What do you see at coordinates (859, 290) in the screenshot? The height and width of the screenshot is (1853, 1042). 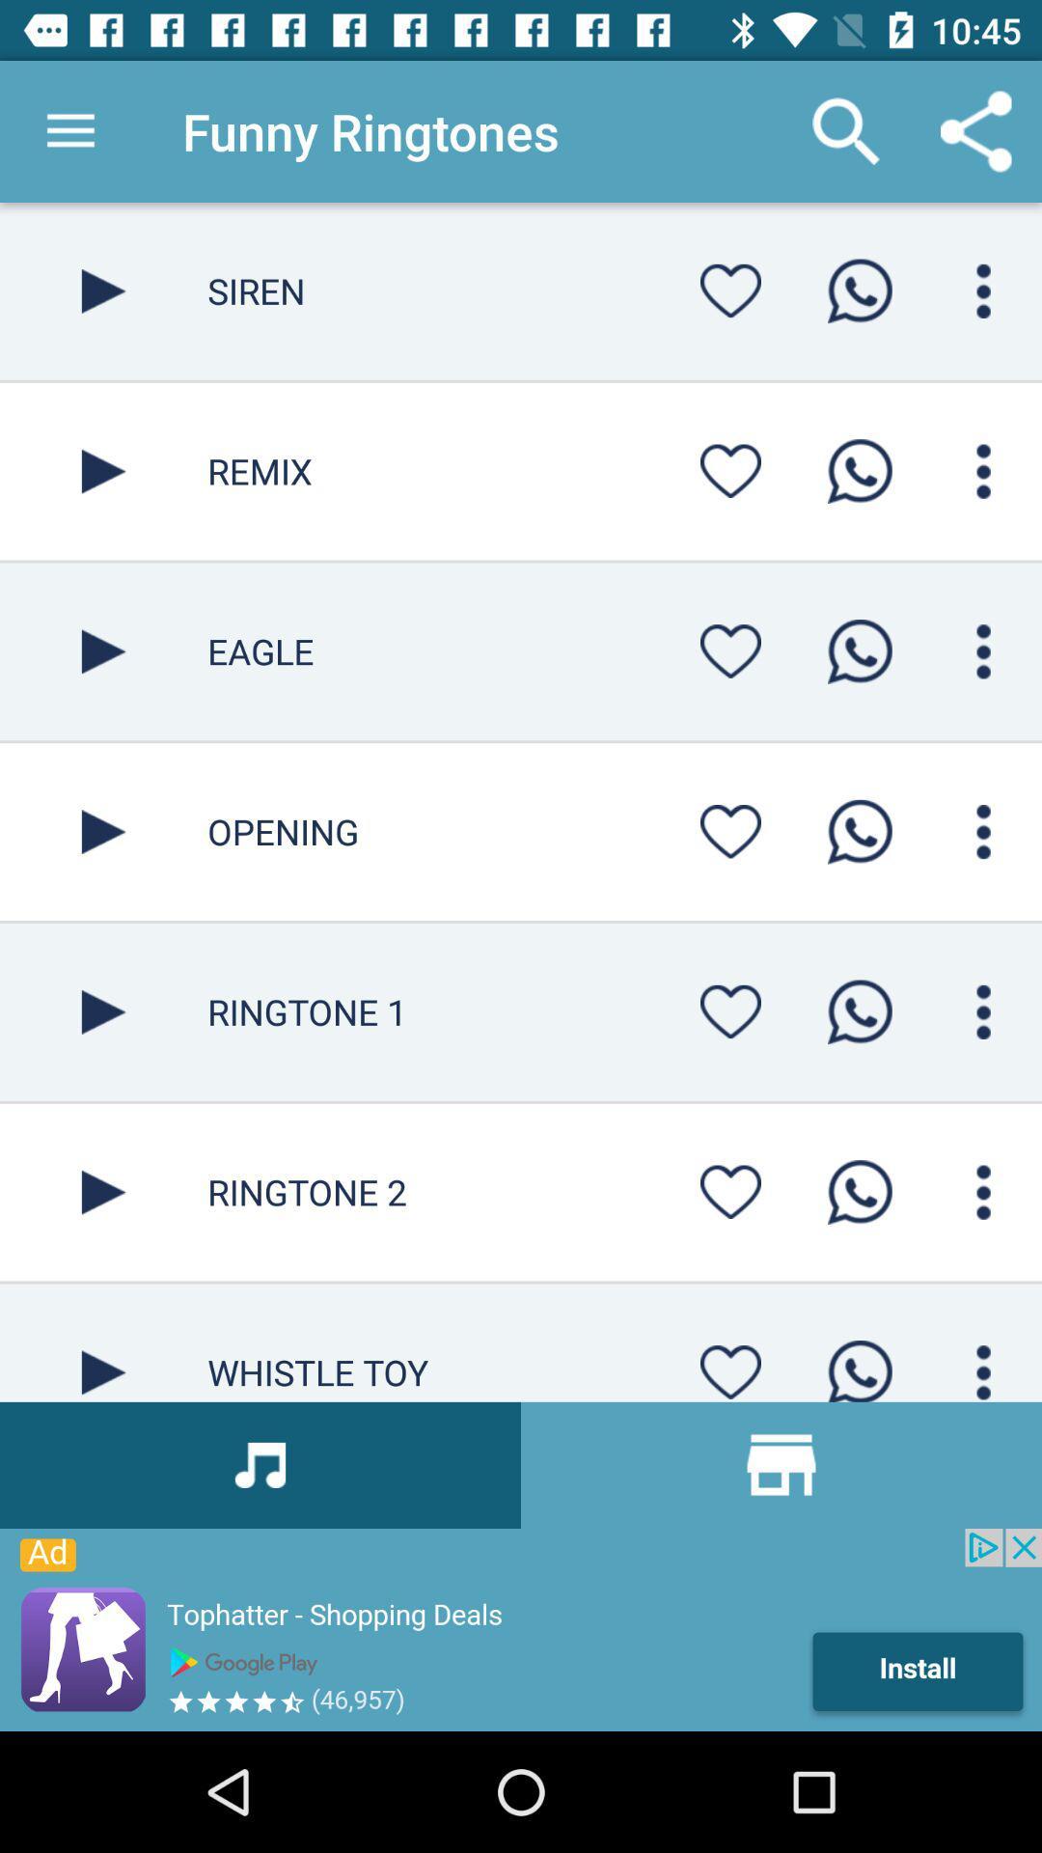 I see `call selected contact` at bounding box center [859, 290].